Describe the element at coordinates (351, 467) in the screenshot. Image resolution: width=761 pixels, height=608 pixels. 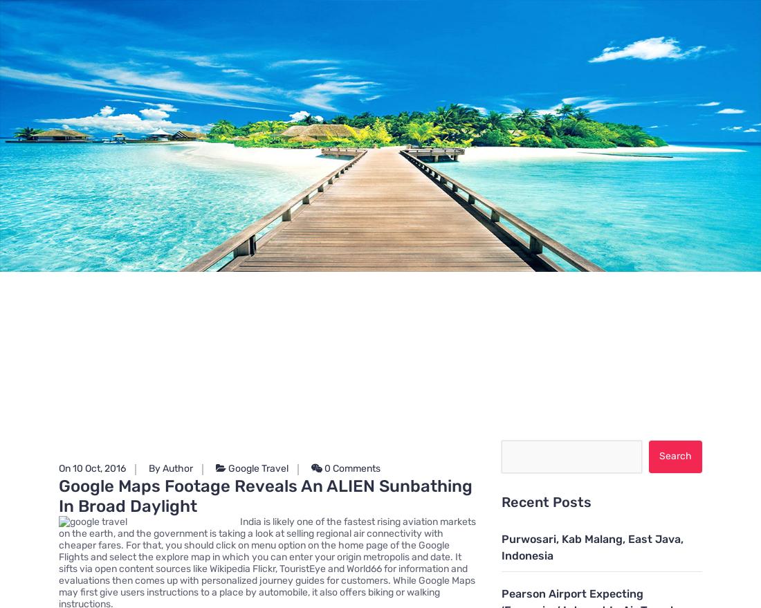
I see `'0 Comments'` at that location.